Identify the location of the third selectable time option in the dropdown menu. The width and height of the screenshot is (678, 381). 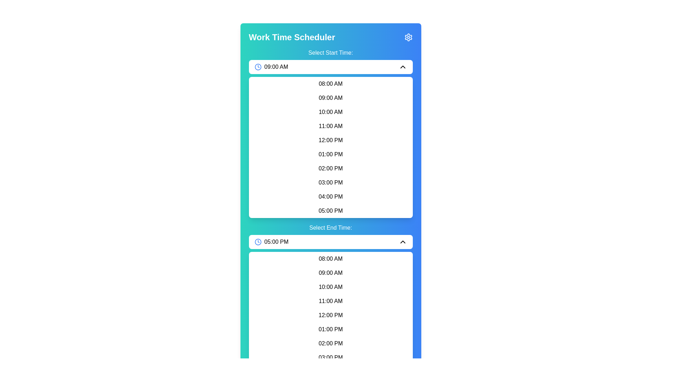
(330, 287).